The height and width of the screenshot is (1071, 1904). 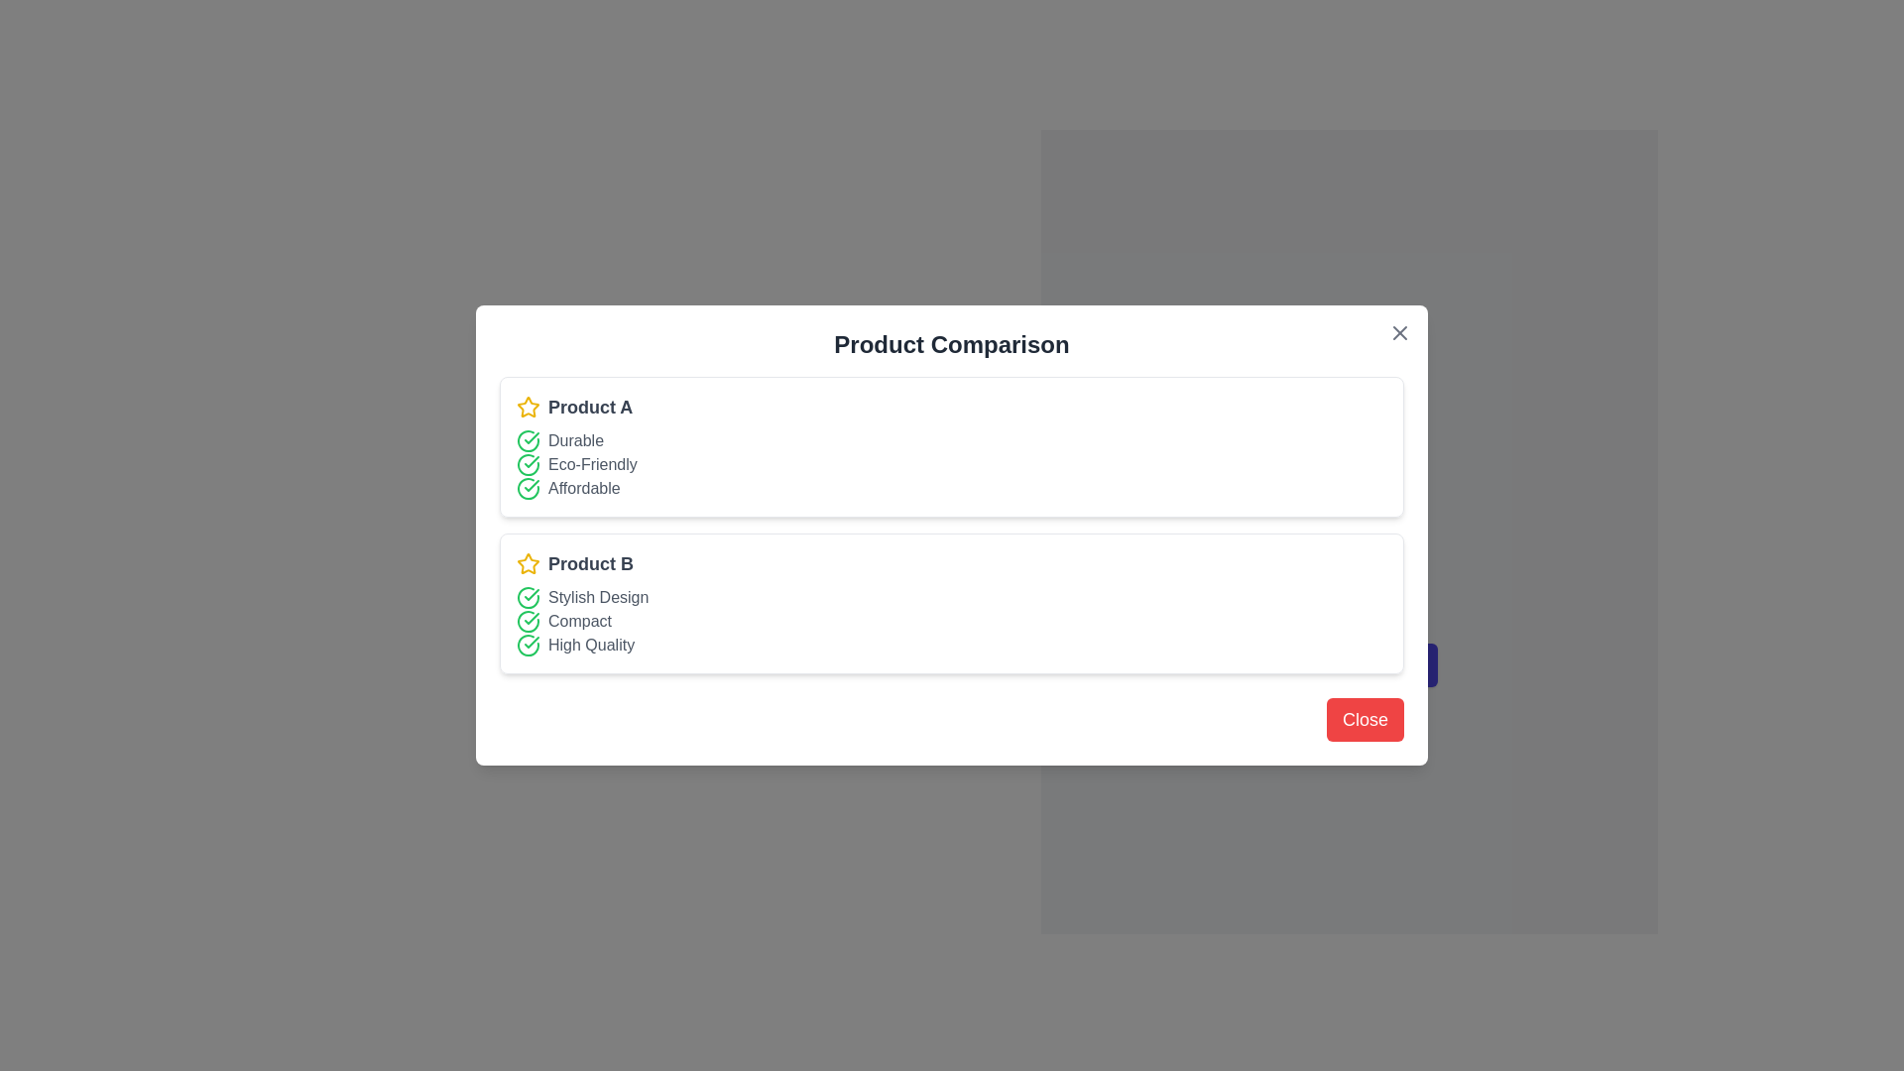 I want to click on the close button located at the top-right corner of the modal window, so click(x=1398, y=331).